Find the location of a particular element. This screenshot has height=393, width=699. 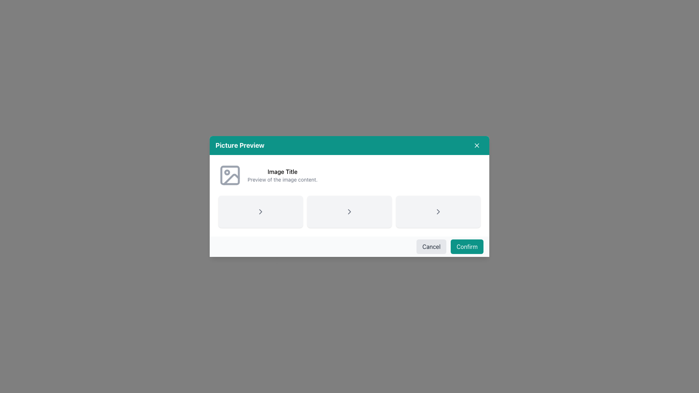

the second button in the grid of three horizontally aligned buttons, which has a light gray background and a chevron icon pointing to the right is located at coordinates (349, 212).